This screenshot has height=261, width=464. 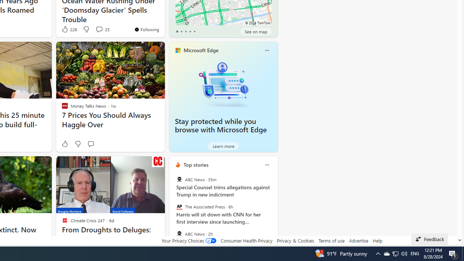 What do you see at coordinates (331, 240) in the screenshot?
I see `'Terms of use'` at bounding box center [331, 240].